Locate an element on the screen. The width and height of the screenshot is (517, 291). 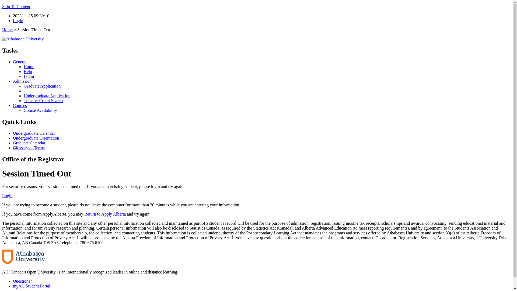
'Transfer Credit Search' is located at coordinates (43, 101).